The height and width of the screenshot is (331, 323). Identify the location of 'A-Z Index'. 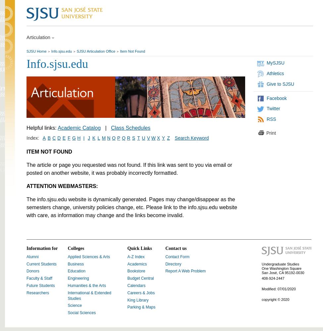
(135, 257).